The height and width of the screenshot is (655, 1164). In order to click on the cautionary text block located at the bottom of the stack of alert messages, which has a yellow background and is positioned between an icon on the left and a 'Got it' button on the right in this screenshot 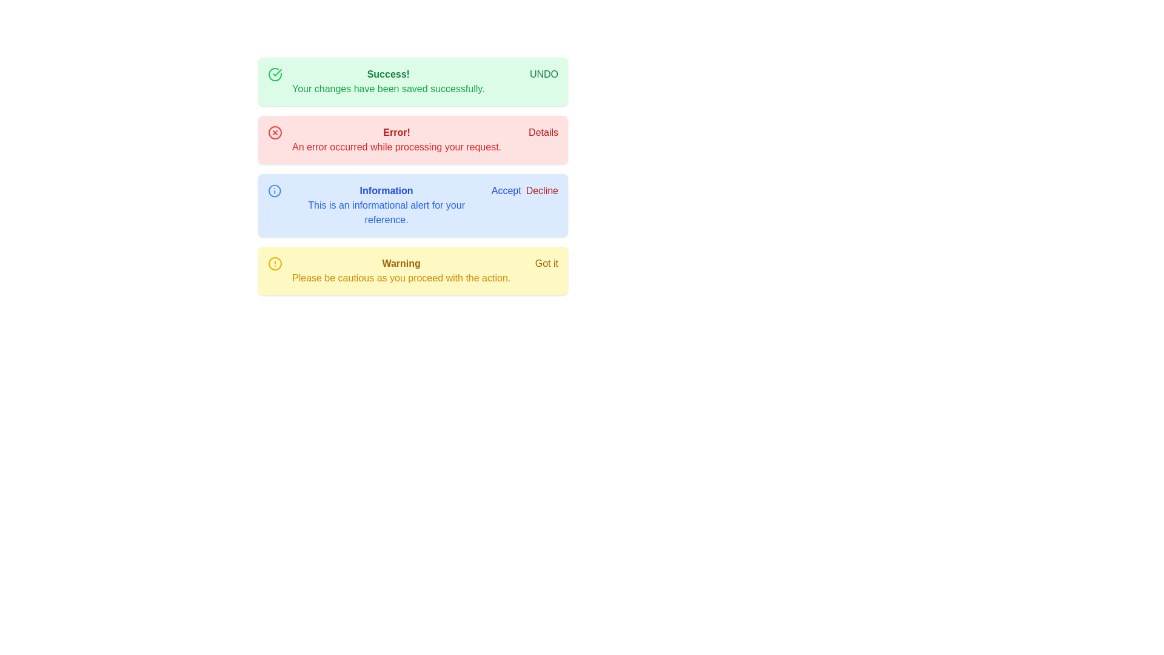, I will do `click(401, 270)`.